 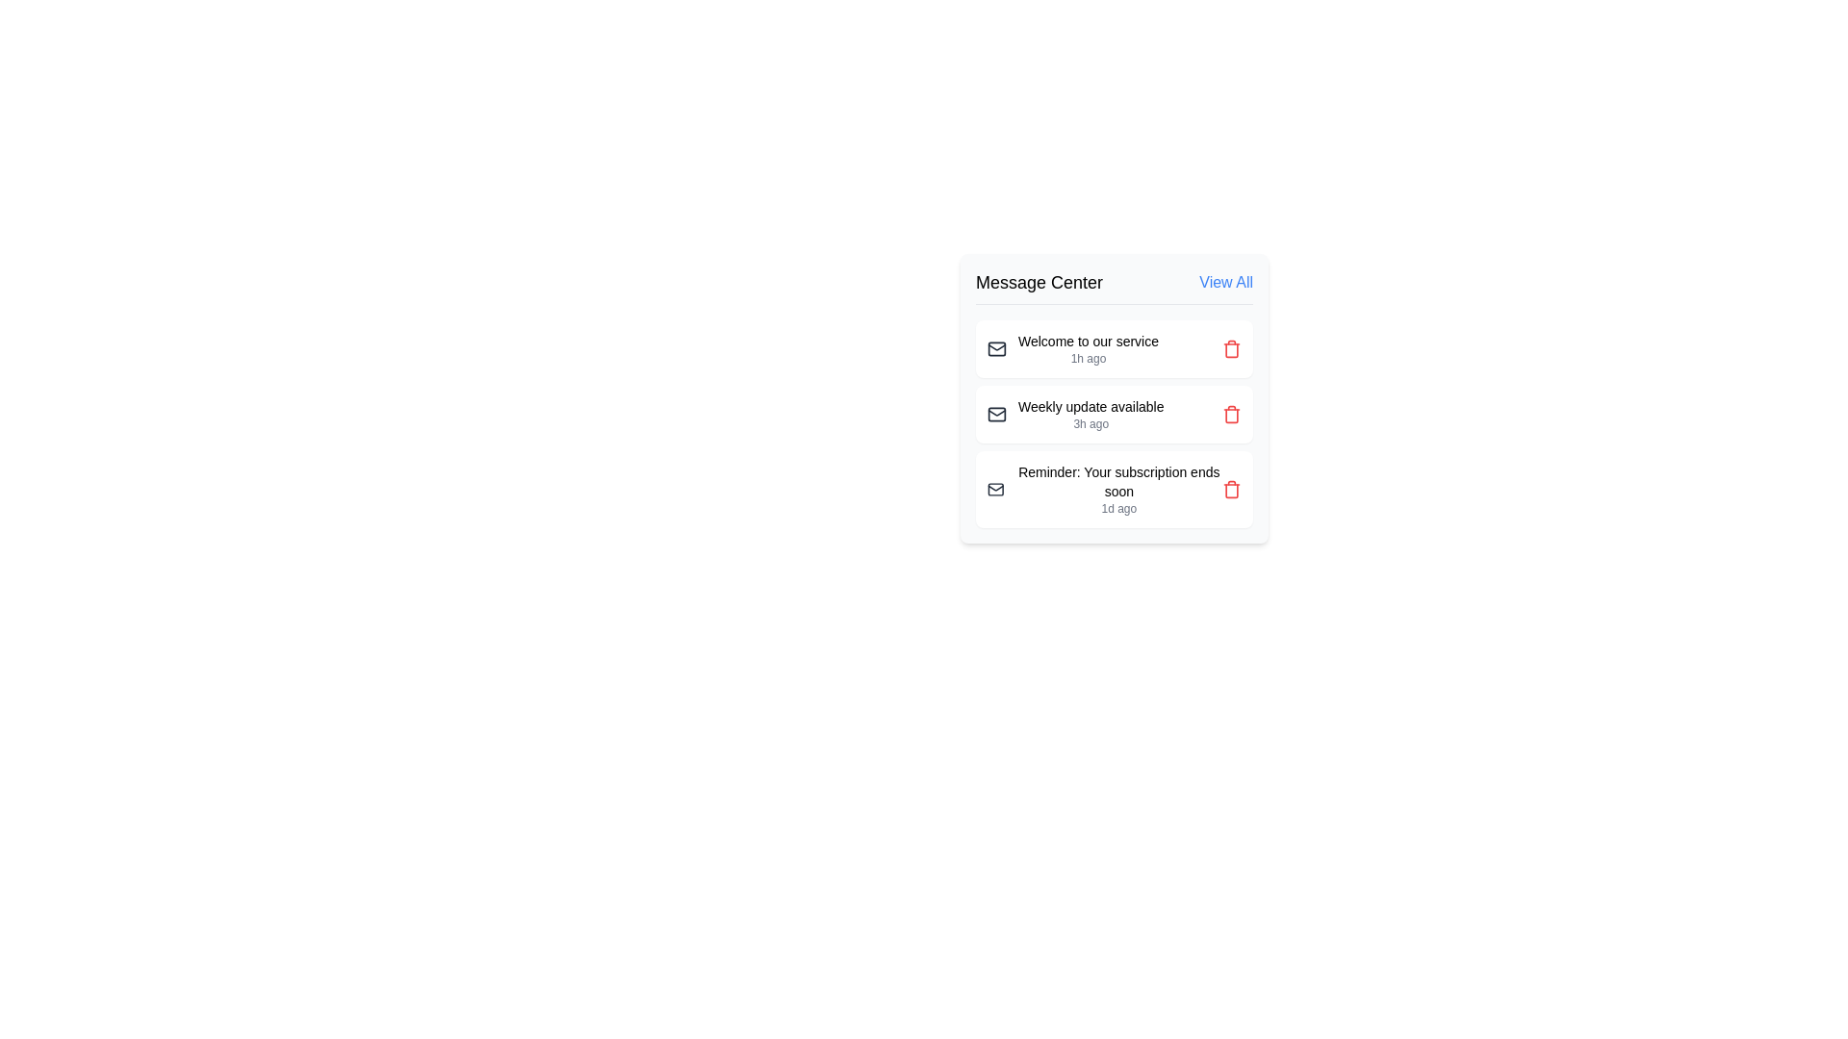 What do you see at coordinates (1089, 359) in the screenshot?
I see `the static text label displaying '1h ago', located below the 'Welcome to our service' text in the Message Center interface` at bounding box center [1089, 359].